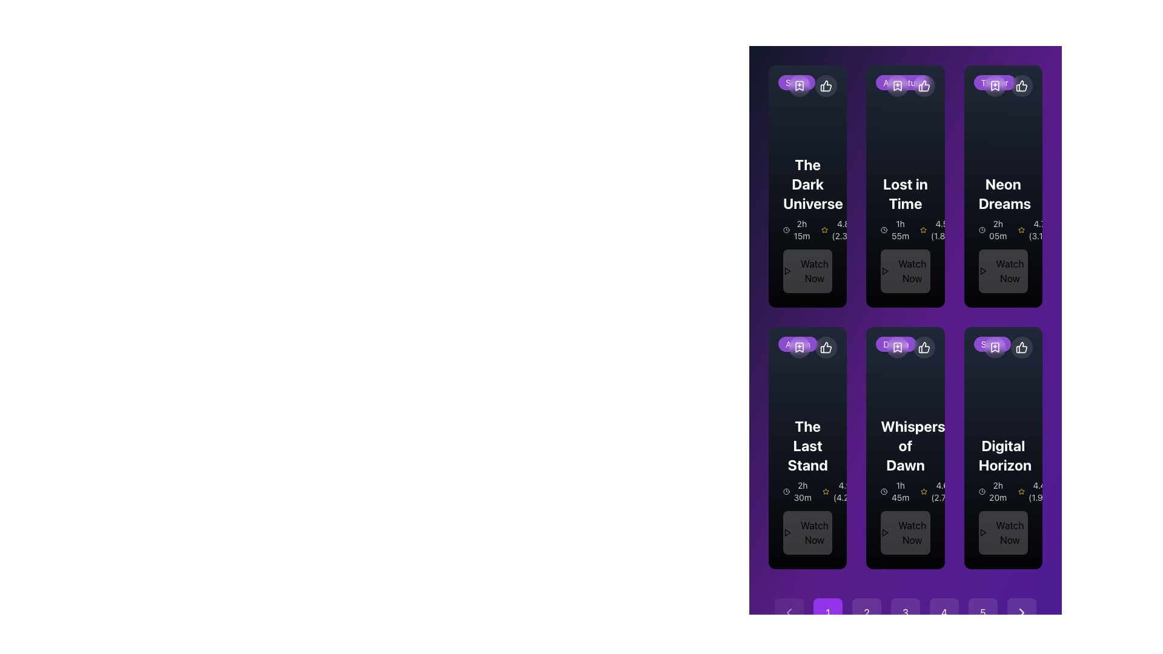 This screenshot has width=1163, height=654. Describe the element at coordinates (1003, 270) in the screenshot. I see `the 'Watch Now' button located below the text '2h 05m' and '4.7 (3.1k)' on the 'Neon Dreams' card in the third column of the top row` at that location.